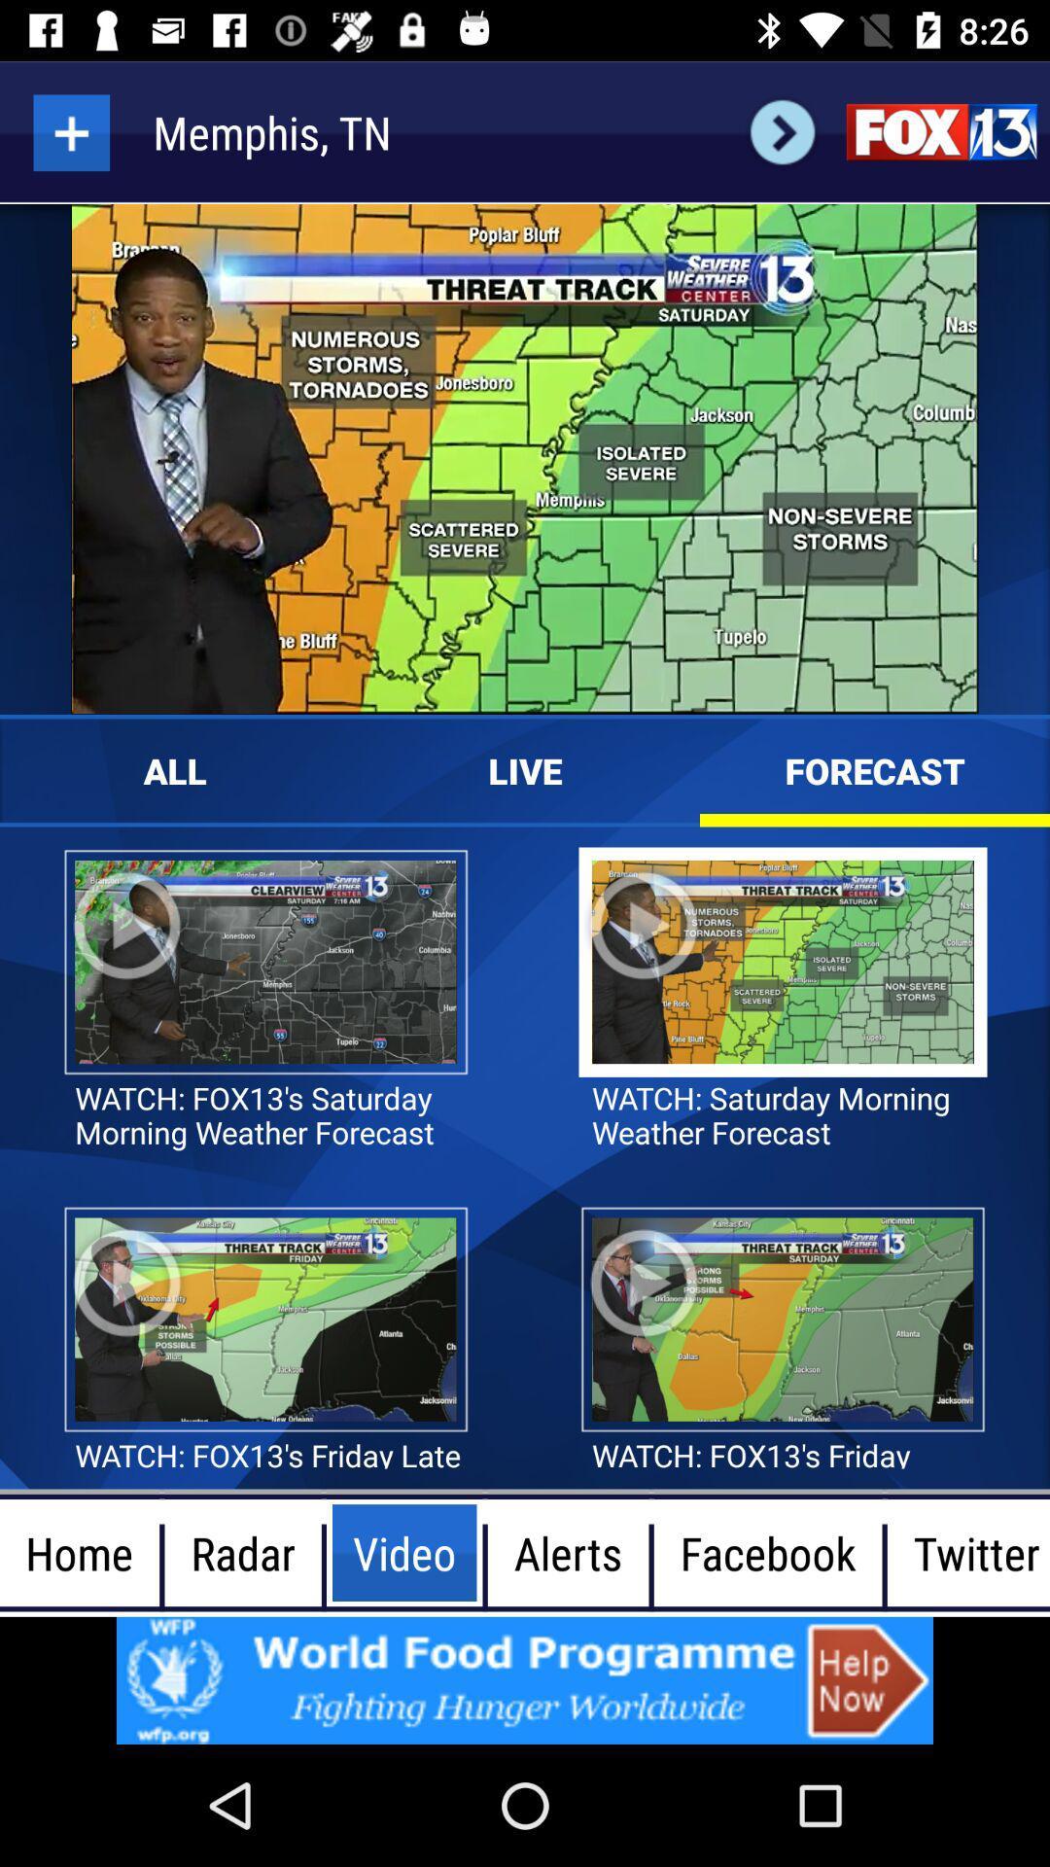  What do you see at coordinates (265, 962) in the screenshot?
I see `image below all` at bounding box center [265, 962].